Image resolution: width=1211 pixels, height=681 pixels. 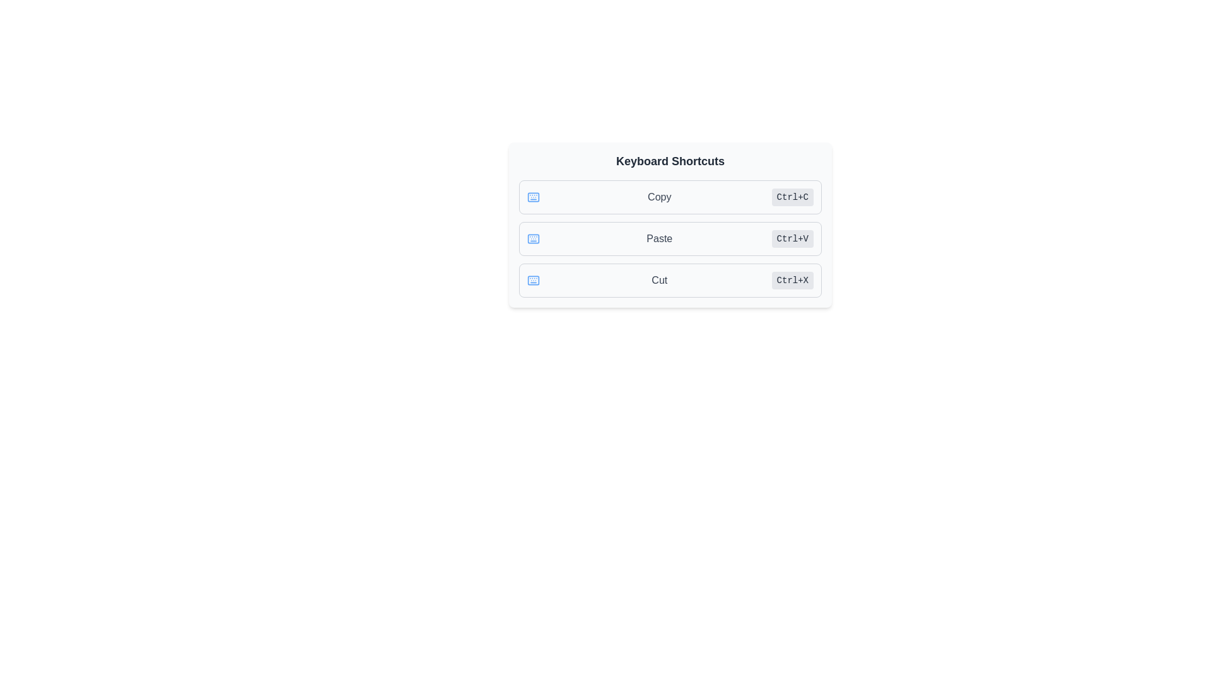 I want to click on the 'Paste' button, which is a rectangular button with rounded corners, displaying a keyboard icon, the label 'Paste', and a 'Ctrl+V' tag, so click(x=669, y=238).